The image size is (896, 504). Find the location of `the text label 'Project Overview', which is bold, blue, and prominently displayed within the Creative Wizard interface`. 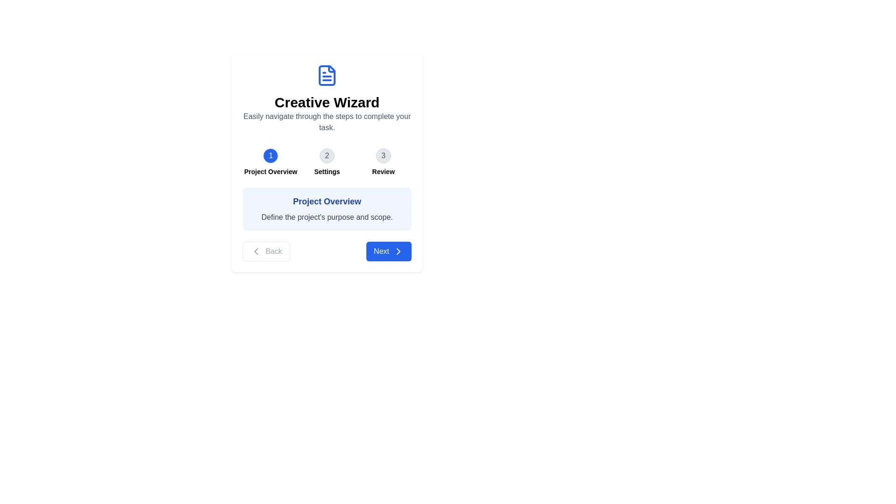

the text label 'Project Overview', which is bold, blue, and prominently displayed within the Creative Wizard interface is located at coordinates (327, 201).